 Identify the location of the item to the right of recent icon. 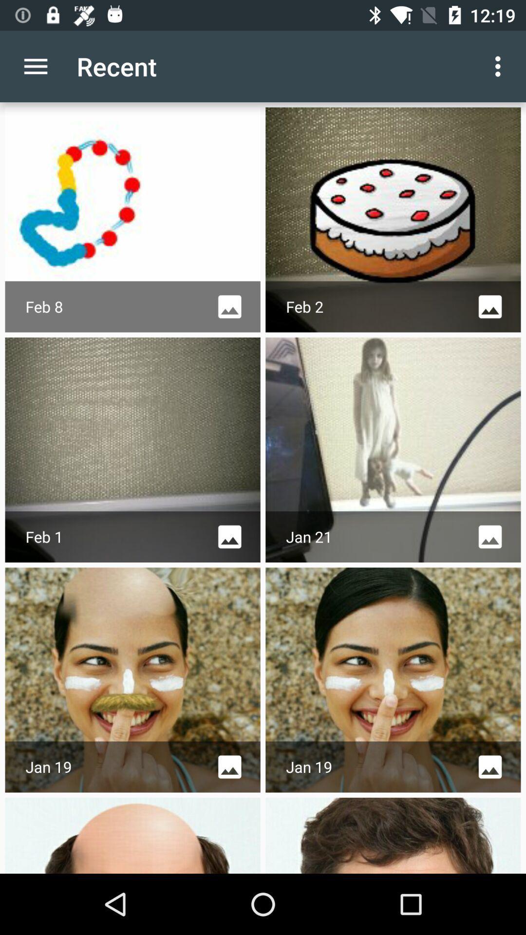
(500, 66).